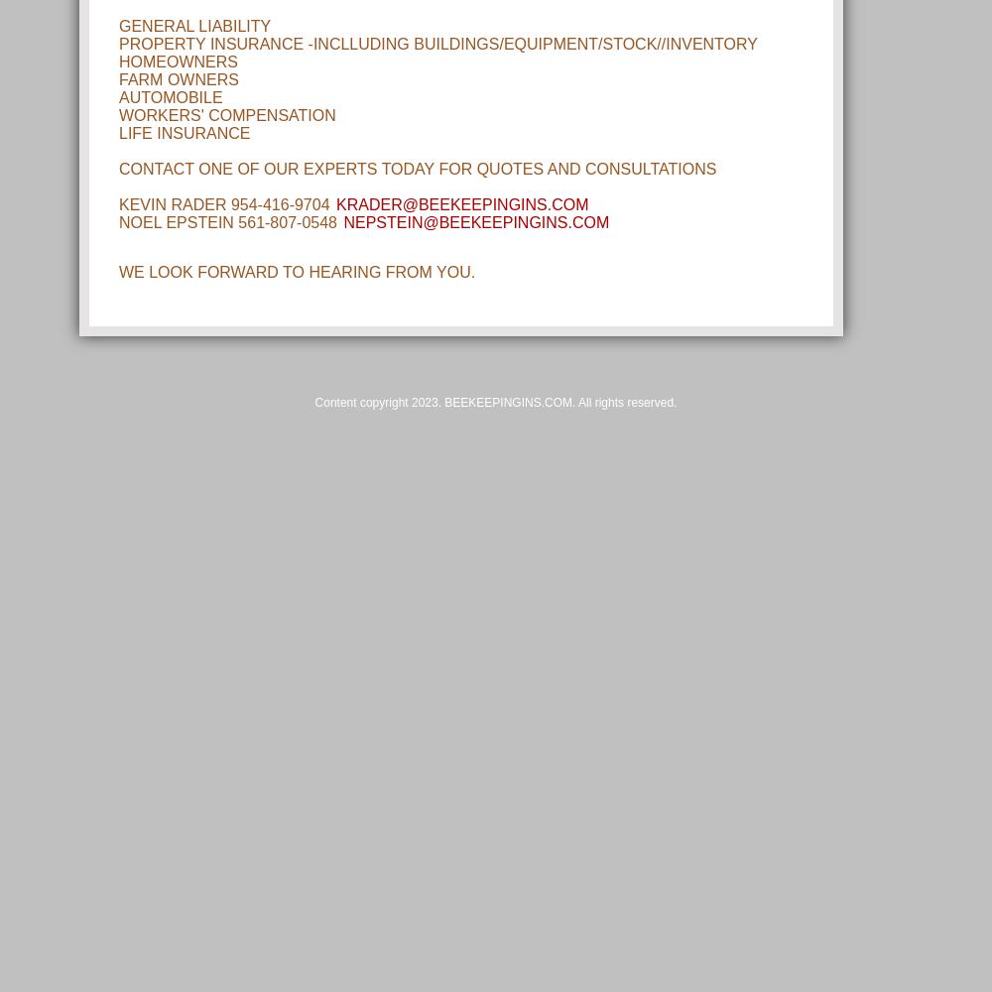 This screenshot has width=992, height=992. Describe the element at coordinates (229, 221) in the screenshot. I see `'NOEL EPSTEIN 561-807-0548'` at that location.